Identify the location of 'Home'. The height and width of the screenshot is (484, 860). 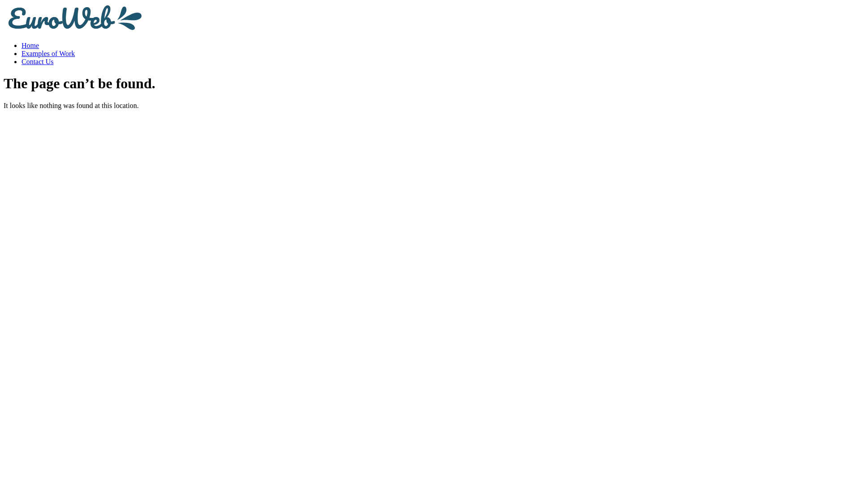
(30, 45).